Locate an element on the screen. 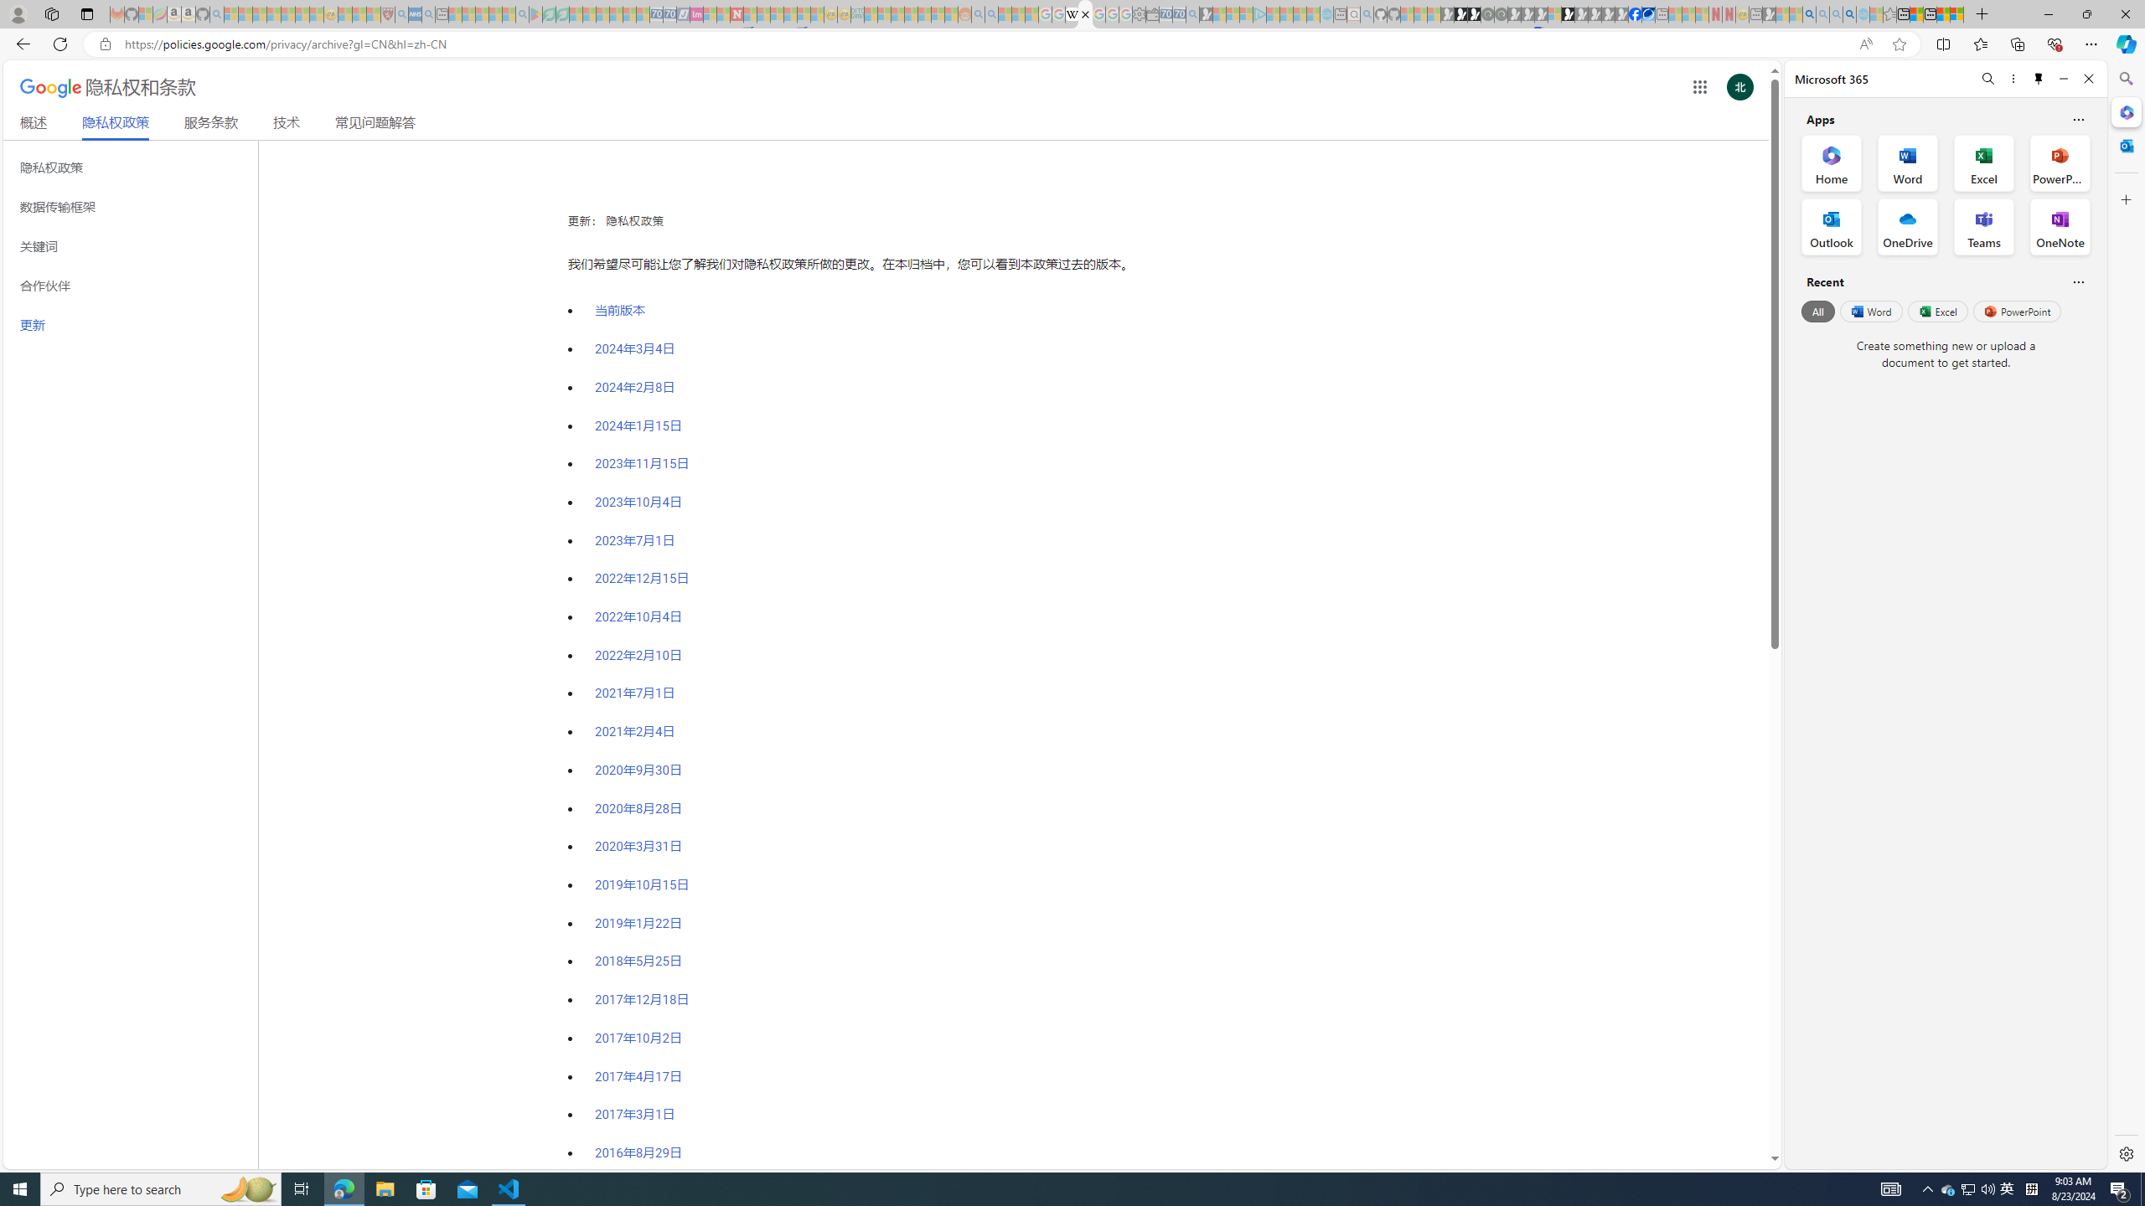  'Is this helpful?' is located at coordinates (2077, 281).